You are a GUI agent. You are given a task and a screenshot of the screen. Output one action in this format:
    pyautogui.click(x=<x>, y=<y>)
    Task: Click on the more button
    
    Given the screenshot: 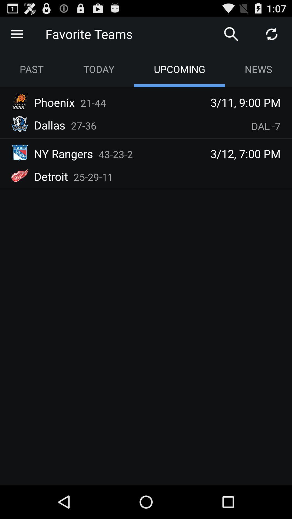 What is the action you would take?
    pyautogui.click(x=16, y=34)
    